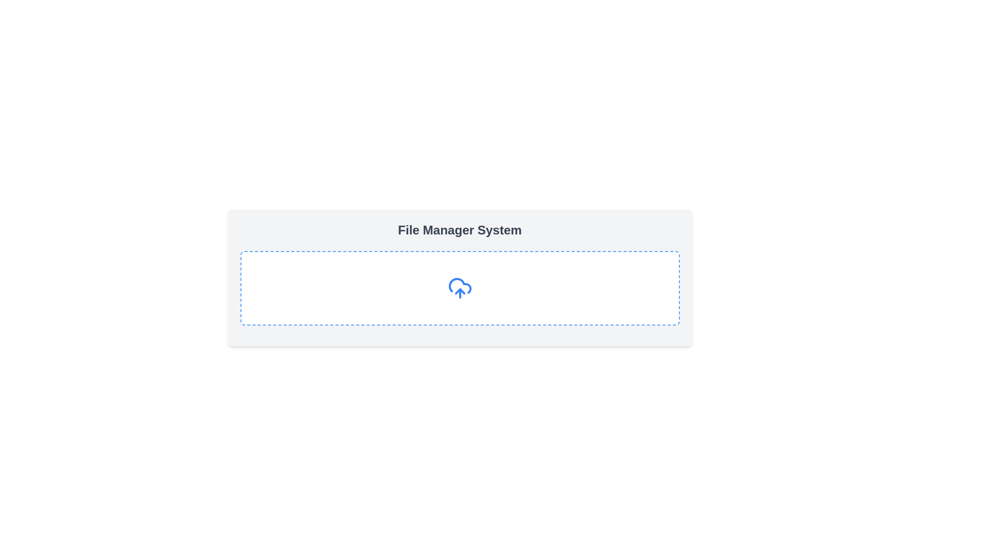 This screenshot has width=995, height=559. What do you see at coordinates (459, 288) in the screenshot?
I see `the clickable upload area in the 'File Manager System'` at bounding box center [459, 288].